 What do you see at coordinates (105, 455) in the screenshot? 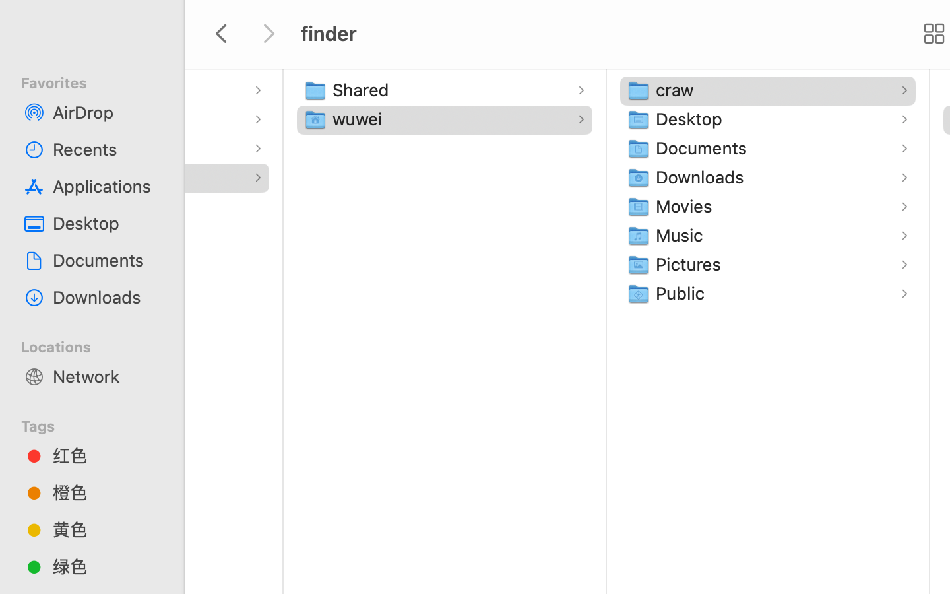
I see `'红色'` at bounding box center [105, 455].